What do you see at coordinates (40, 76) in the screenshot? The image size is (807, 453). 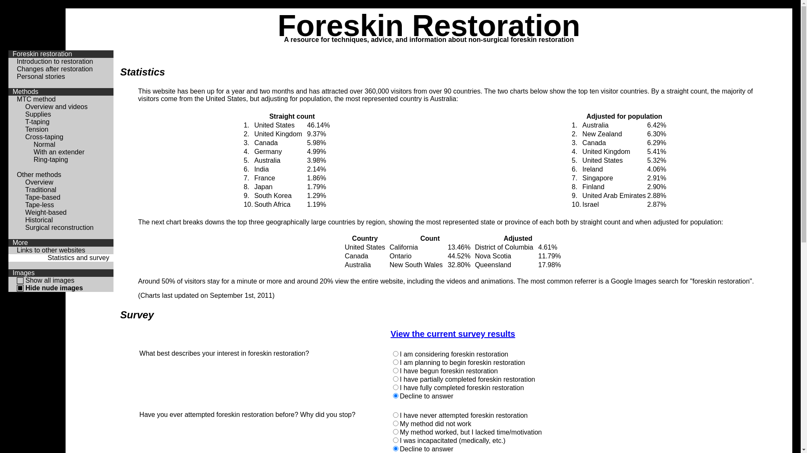 I see `'Personal stories'` at bounding box center [40, 76].